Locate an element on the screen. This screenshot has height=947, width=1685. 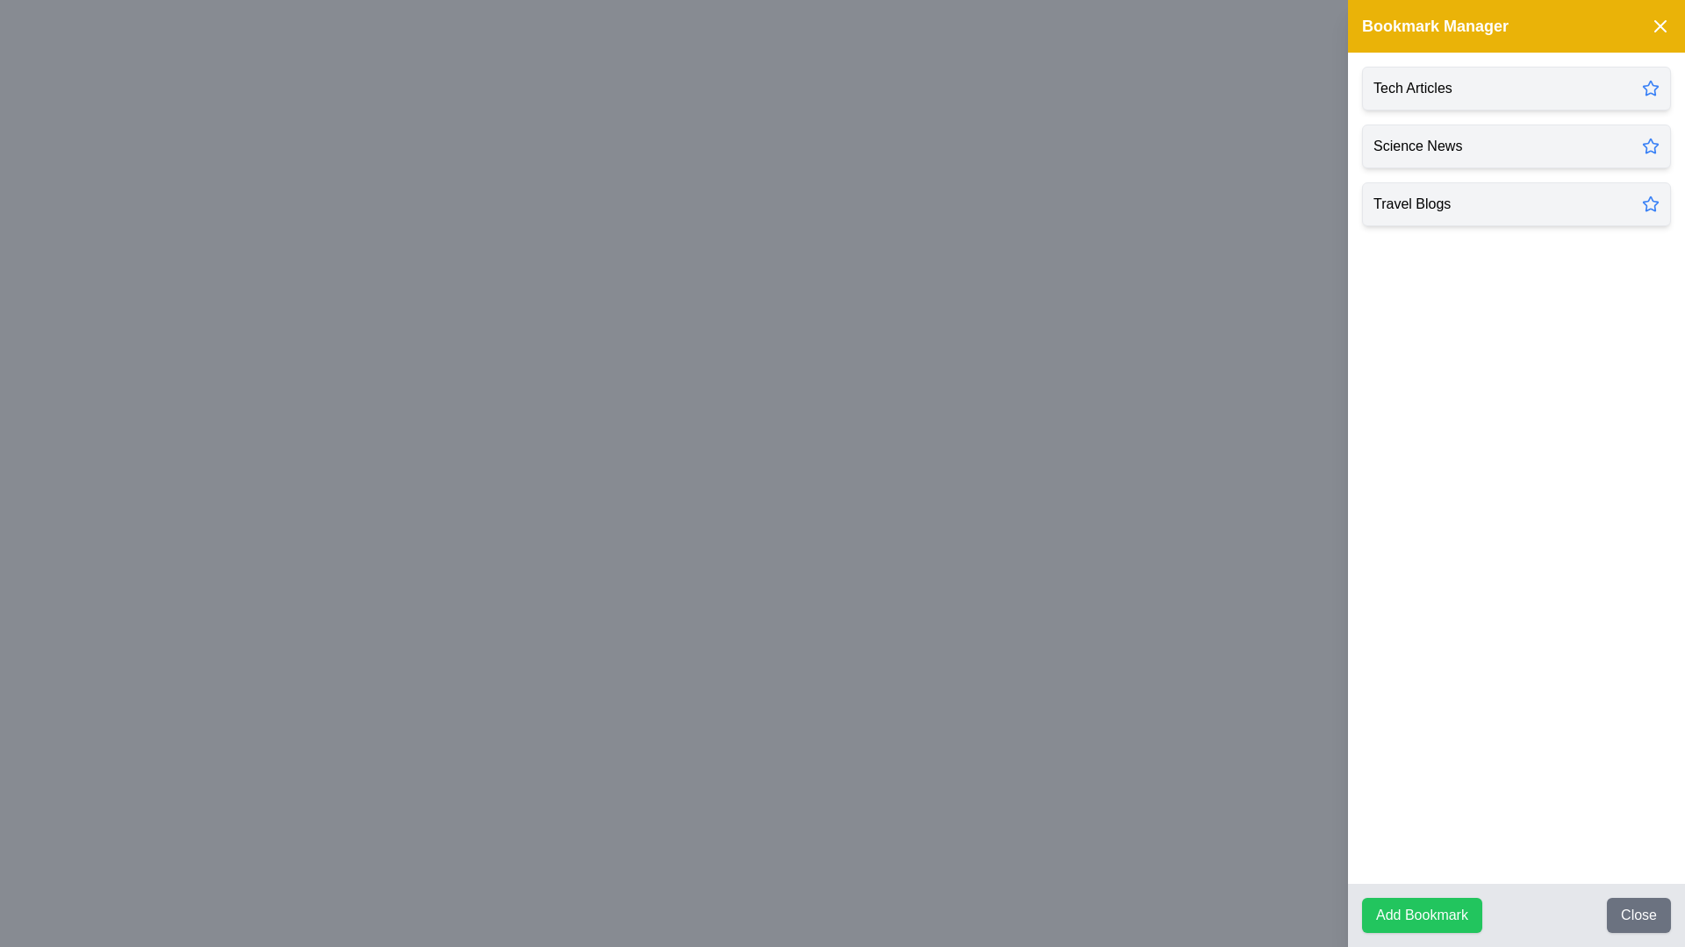
the second item in the 'Bookmark Manager' list, which represents a clickable bookmark for 'Science News' is located at coordinates (1516, 145).